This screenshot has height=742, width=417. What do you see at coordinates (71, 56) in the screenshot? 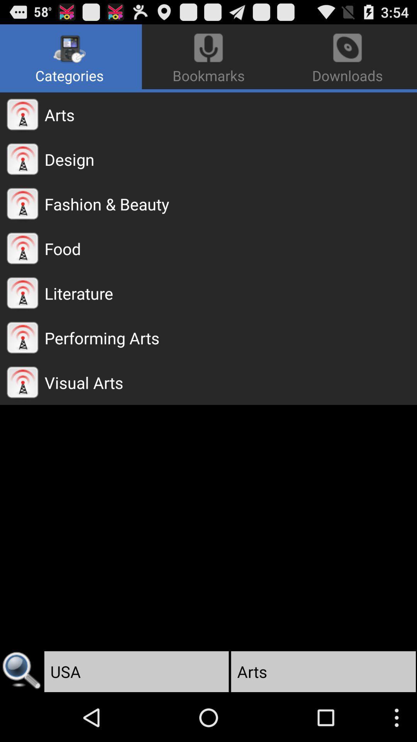
I see `the icon to the left of the downloads app` at bounding box center [71, 56].